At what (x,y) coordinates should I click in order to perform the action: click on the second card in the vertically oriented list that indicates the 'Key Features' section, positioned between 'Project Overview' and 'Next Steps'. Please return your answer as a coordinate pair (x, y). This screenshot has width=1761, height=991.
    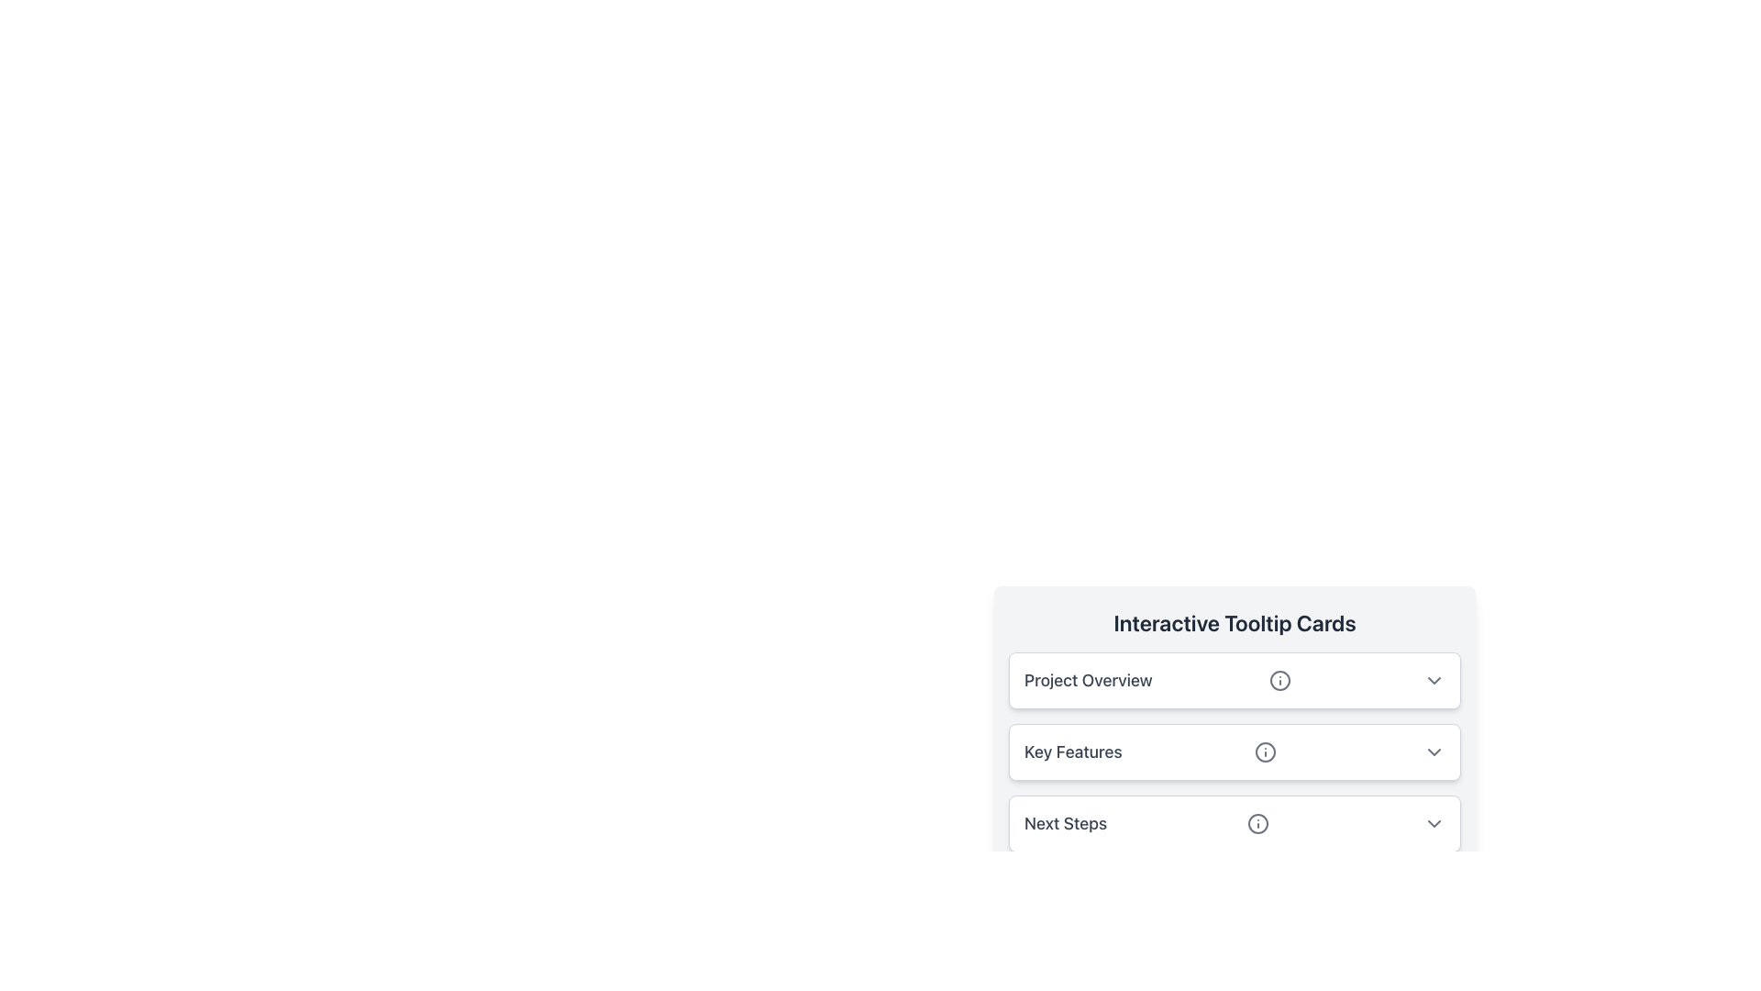
    Looking at the image, I should click on (1235, 752).